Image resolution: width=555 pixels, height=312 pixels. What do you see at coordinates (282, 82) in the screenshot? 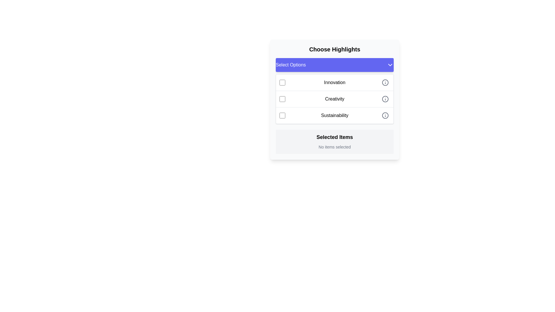
I see `the 'Innovation' checkbox located at the uppermost row of the list under 'Select Options' by` at bounding box center [282, 82].